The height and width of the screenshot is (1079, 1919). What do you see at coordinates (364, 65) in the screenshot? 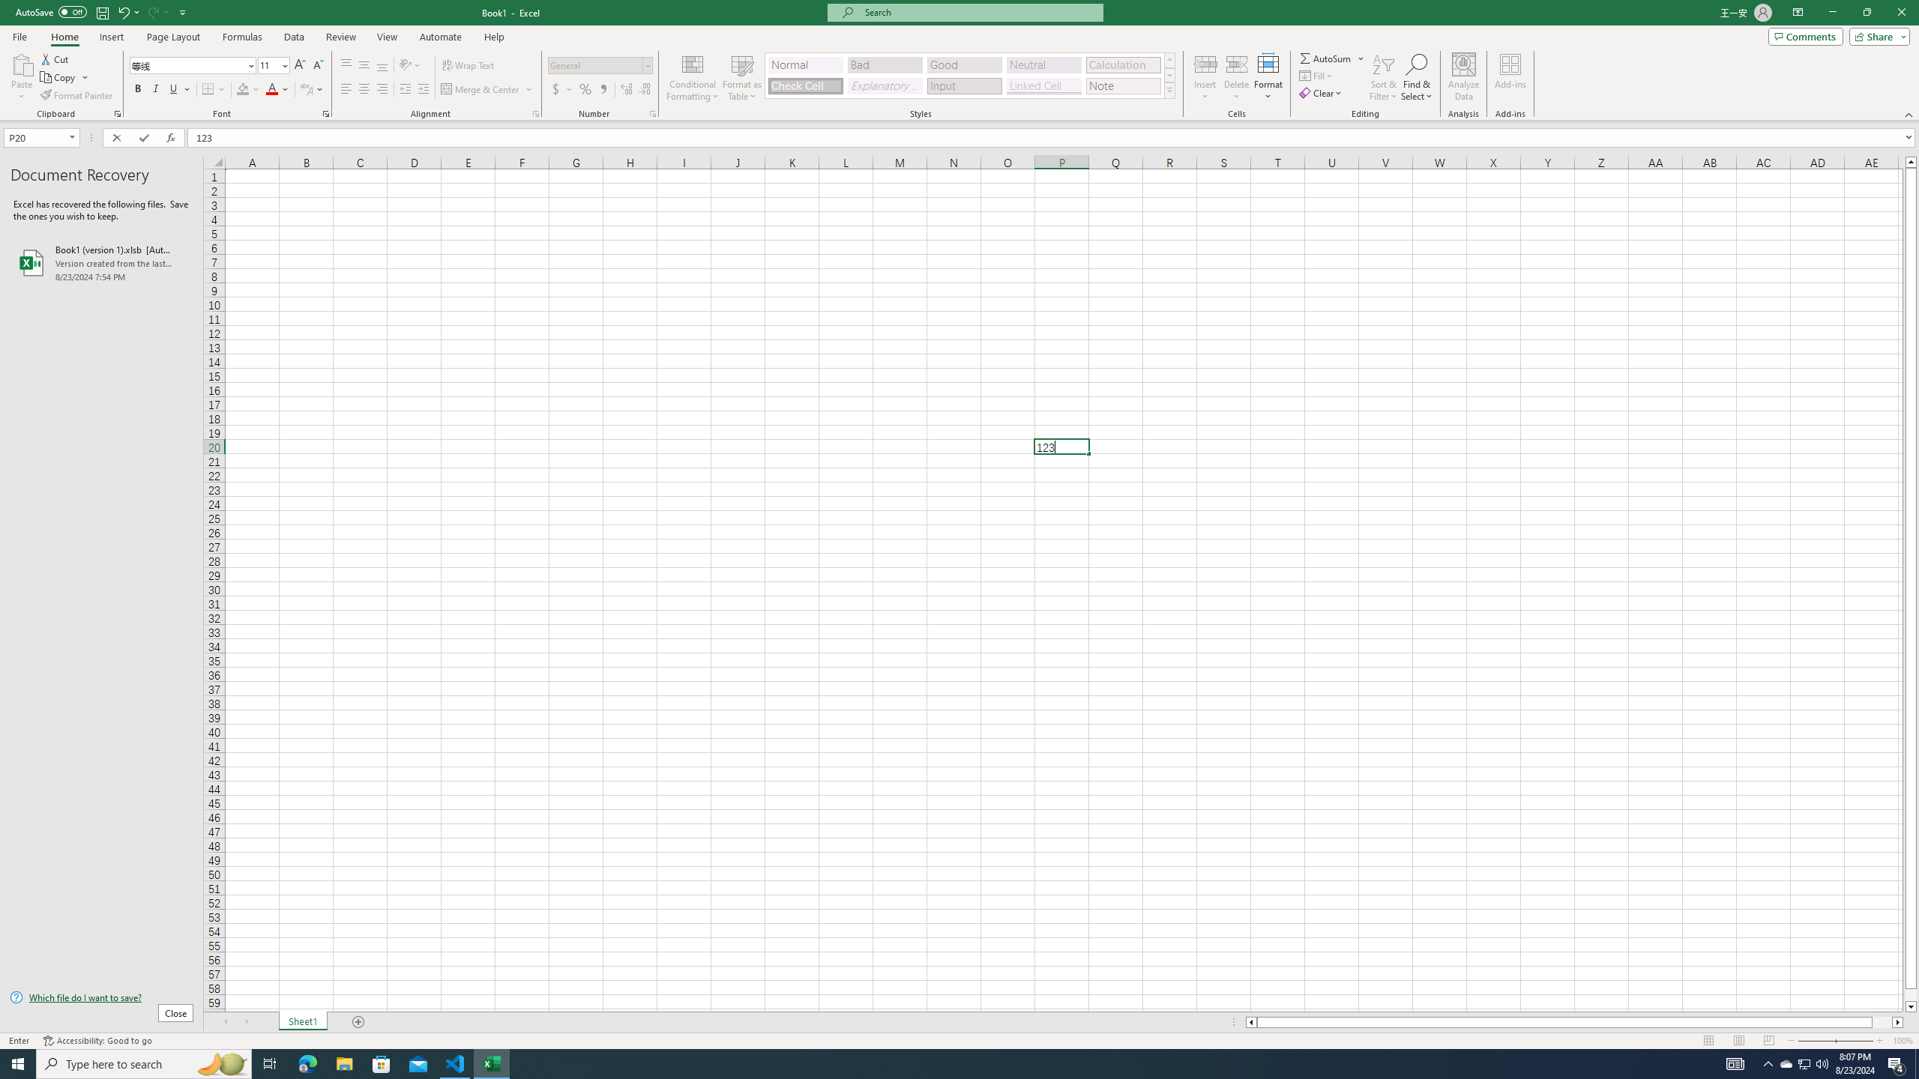
I see `'Middle Align'` at bounding box center [364, 65].